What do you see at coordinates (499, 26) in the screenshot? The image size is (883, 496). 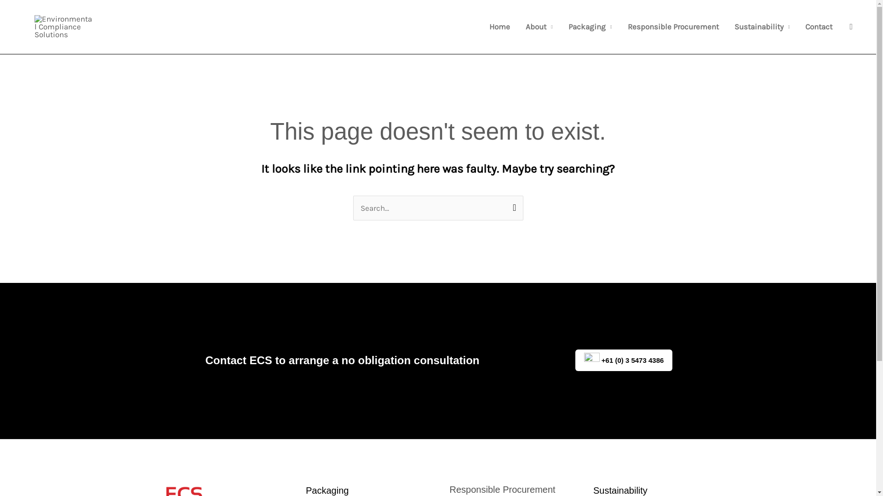 I see `'Home'` at bounding box center [499, 26].